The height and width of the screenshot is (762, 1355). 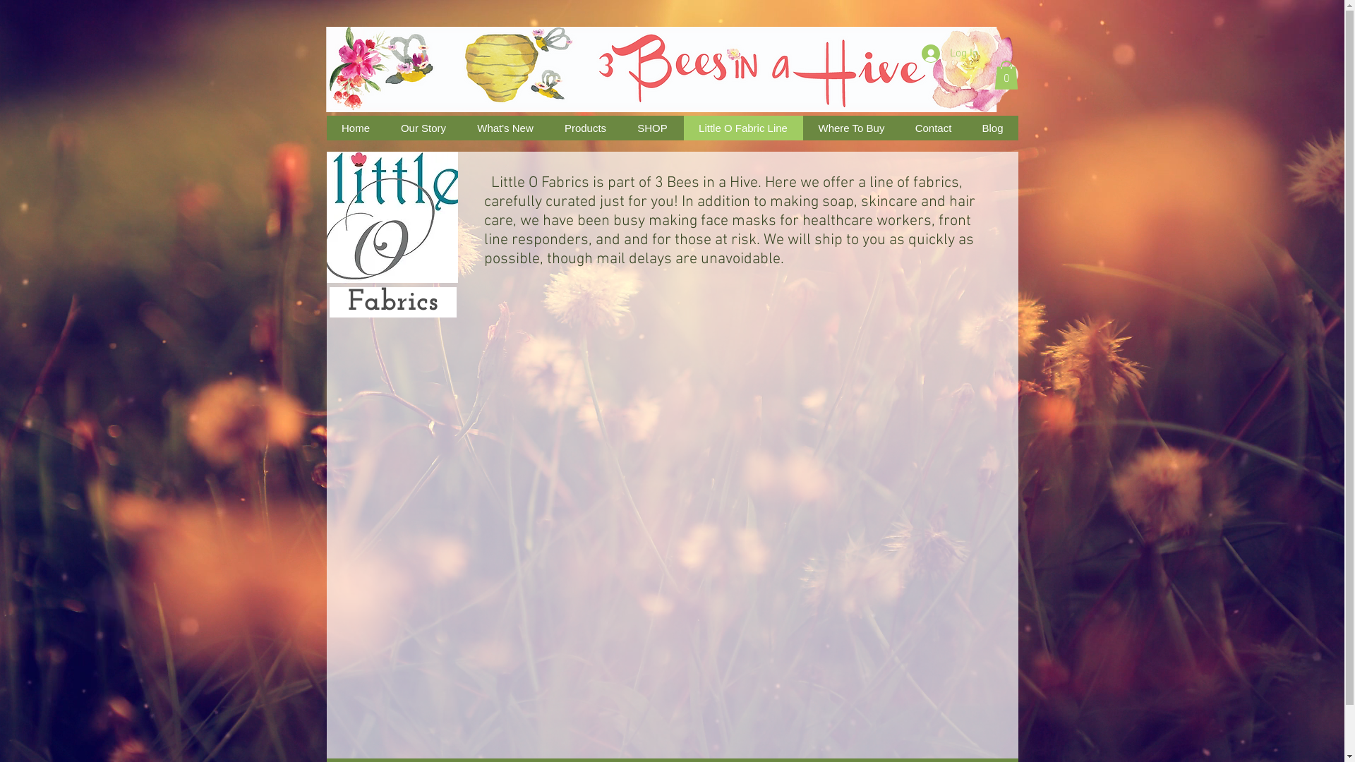 I want to click on 'Where To Buy', so click(x=802, y=128).